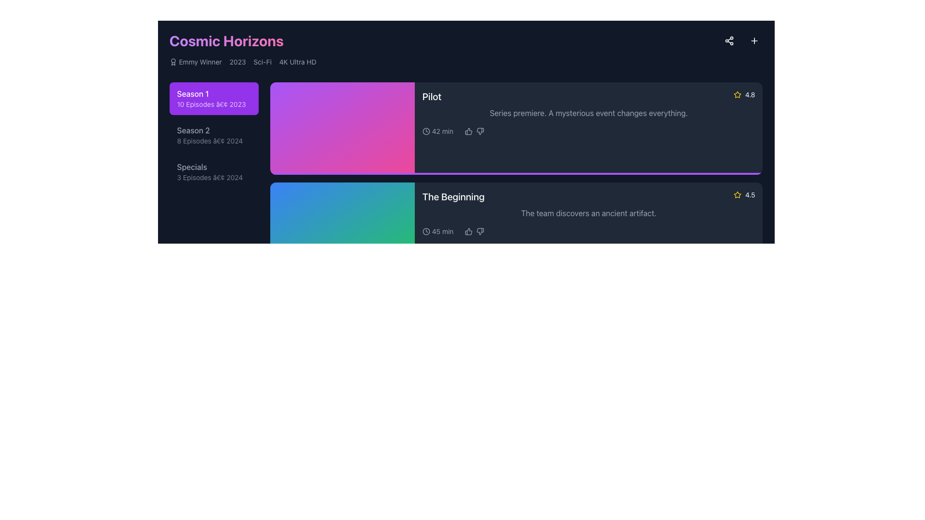  What do you see at coordinates (516, 174) in the screenshot?
I see `the horizontal progress bar at the bottom of the 'Pilot' card layout, which is styled in gray with a purple filled section indicating progress` at bounding box center [516, 174].